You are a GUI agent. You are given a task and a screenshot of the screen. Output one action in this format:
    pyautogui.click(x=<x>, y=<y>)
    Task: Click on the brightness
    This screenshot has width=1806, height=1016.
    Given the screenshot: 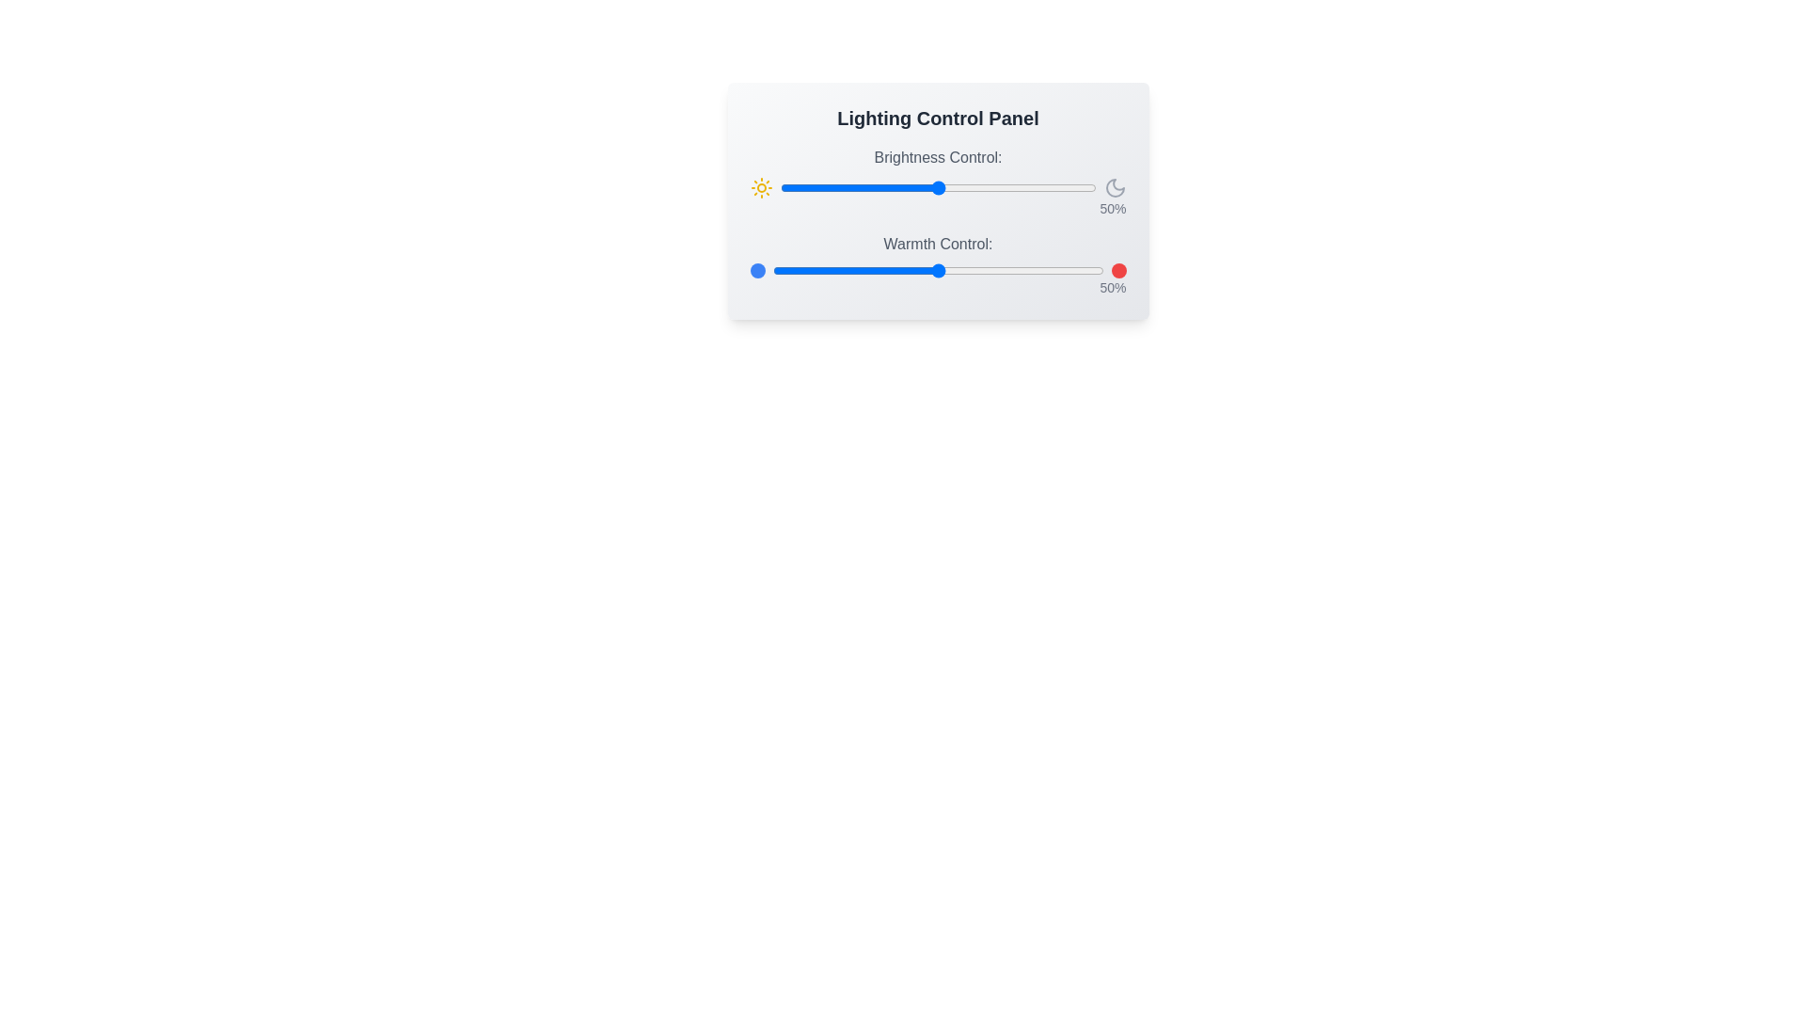 What is the action you would take?
    pyautogui.click(x=864, y=188)
    